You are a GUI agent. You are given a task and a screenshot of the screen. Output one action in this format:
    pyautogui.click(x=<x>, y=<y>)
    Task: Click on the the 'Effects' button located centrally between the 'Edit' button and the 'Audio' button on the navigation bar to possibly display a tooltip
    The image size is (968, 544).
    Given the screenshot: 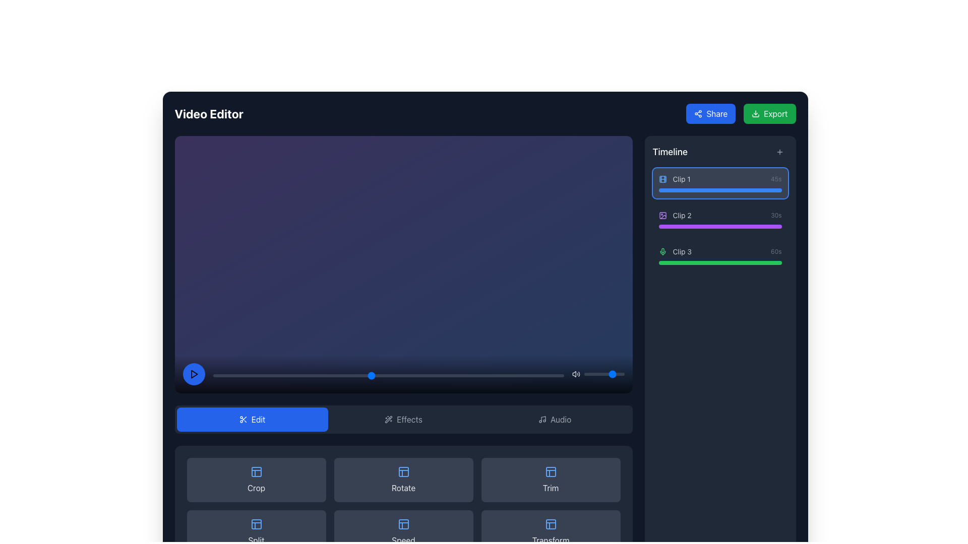 What is the action you would take?
    pyautogui.click(x=409, y=419)
    